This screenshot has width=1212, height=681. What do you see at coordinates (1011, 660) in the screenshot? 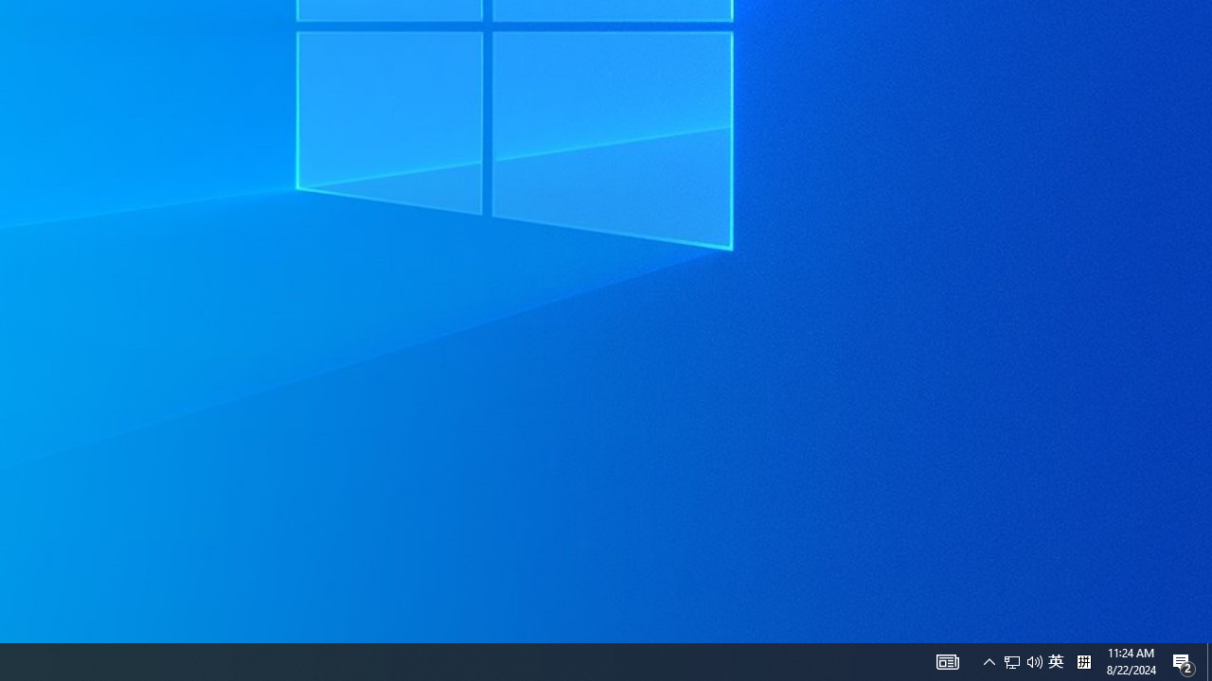
I see `'User Promoted Notification Area'` at bounding box center [1011, 660].